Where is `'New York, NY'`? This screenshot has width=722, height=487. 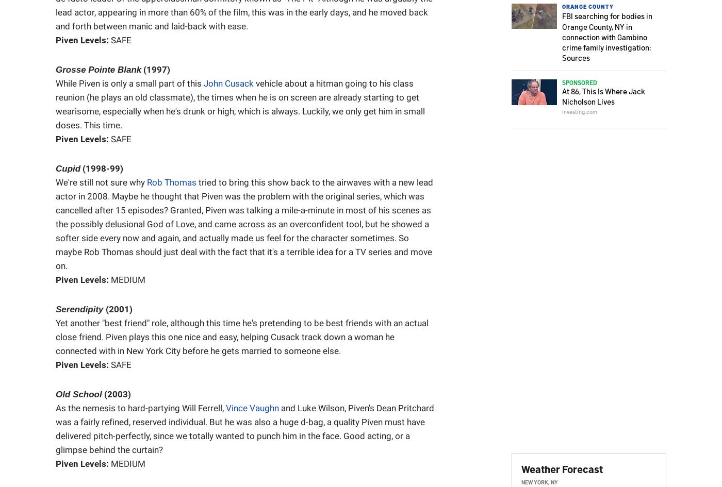
'New York, NY' is located at coordinates (539, 481).